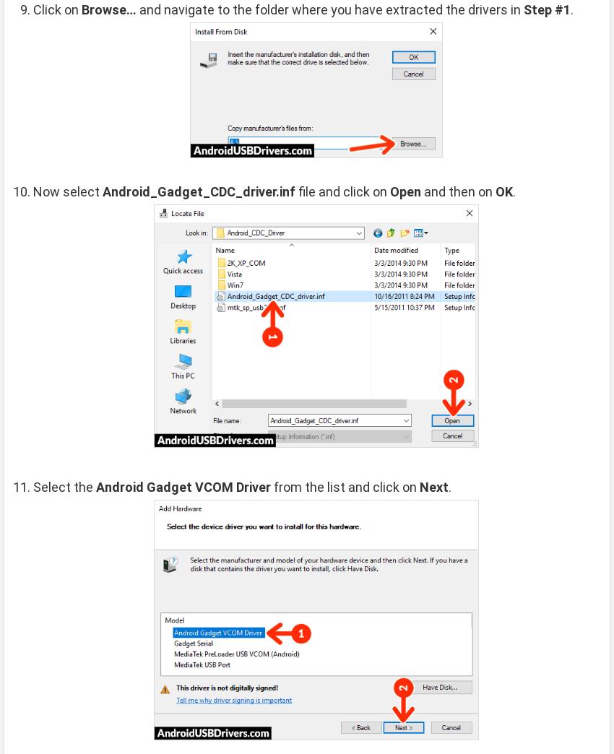  I want to click on 'Now select', so click(67, 190).